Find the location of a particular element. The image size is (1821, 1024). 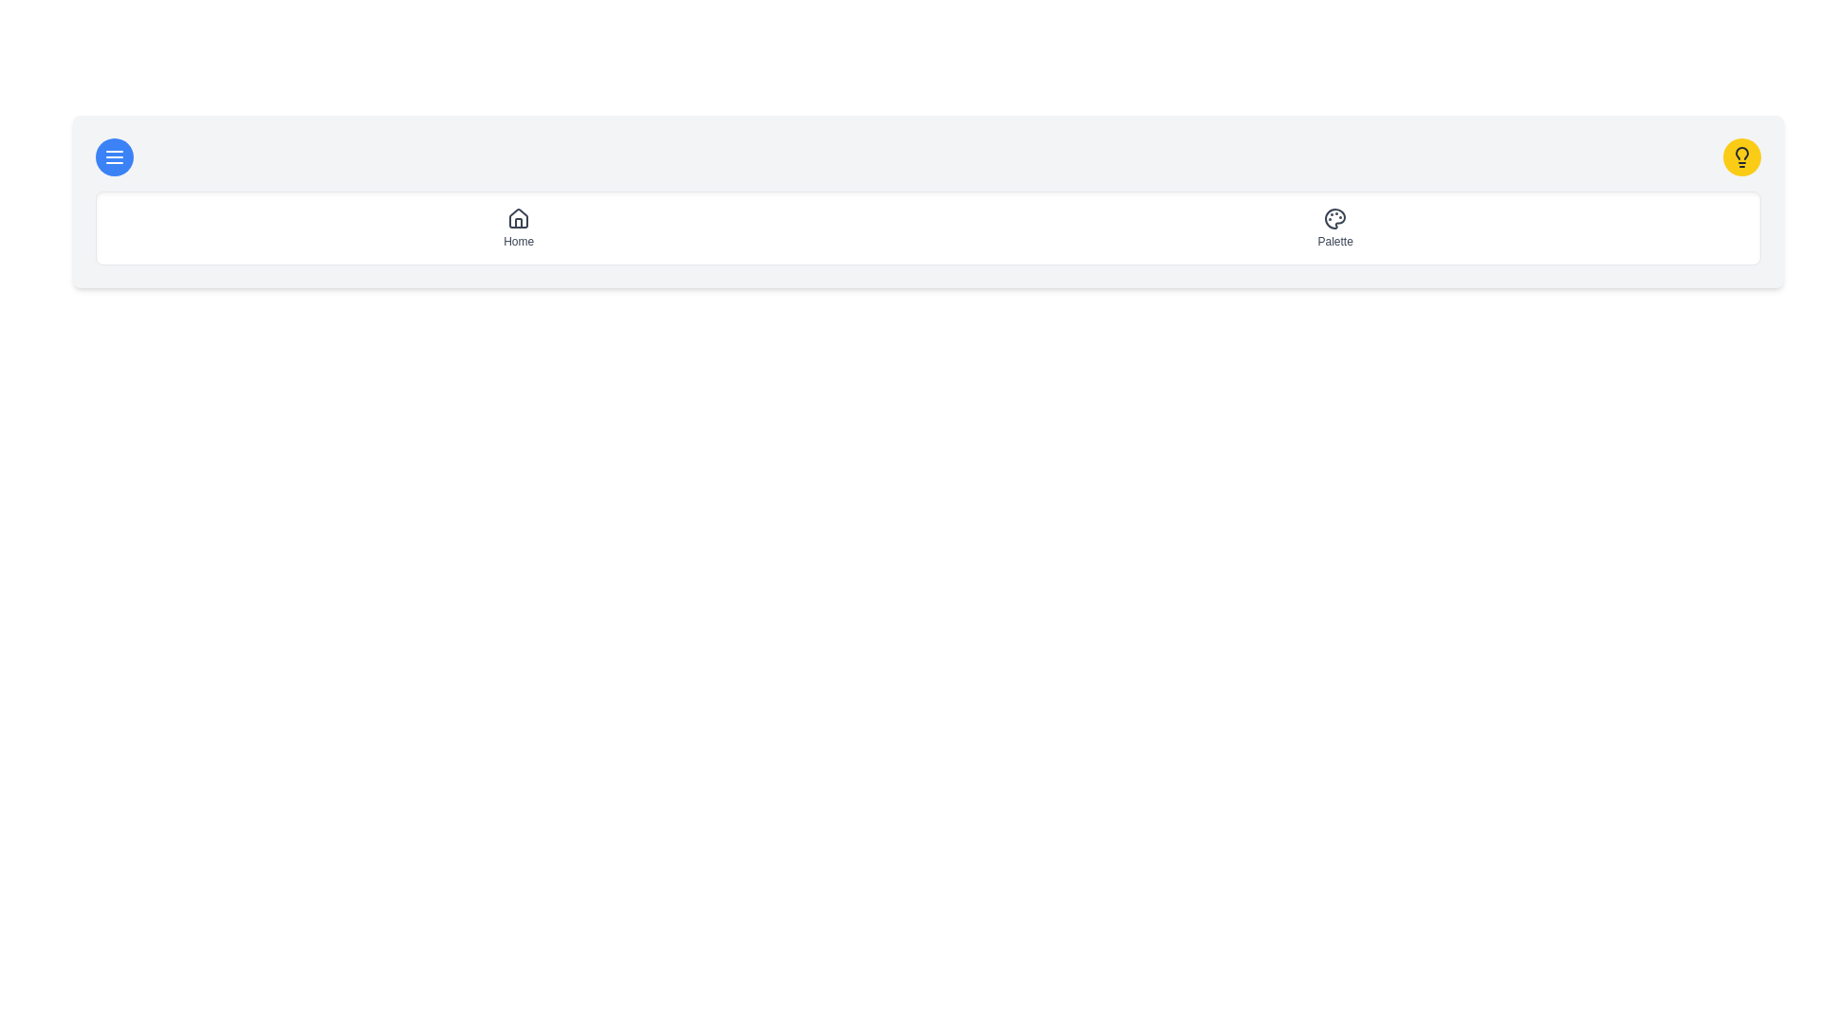

the lightbulb button located at the top-right corner of the interface to observe hover effects is located at coordinates (1742, 155).